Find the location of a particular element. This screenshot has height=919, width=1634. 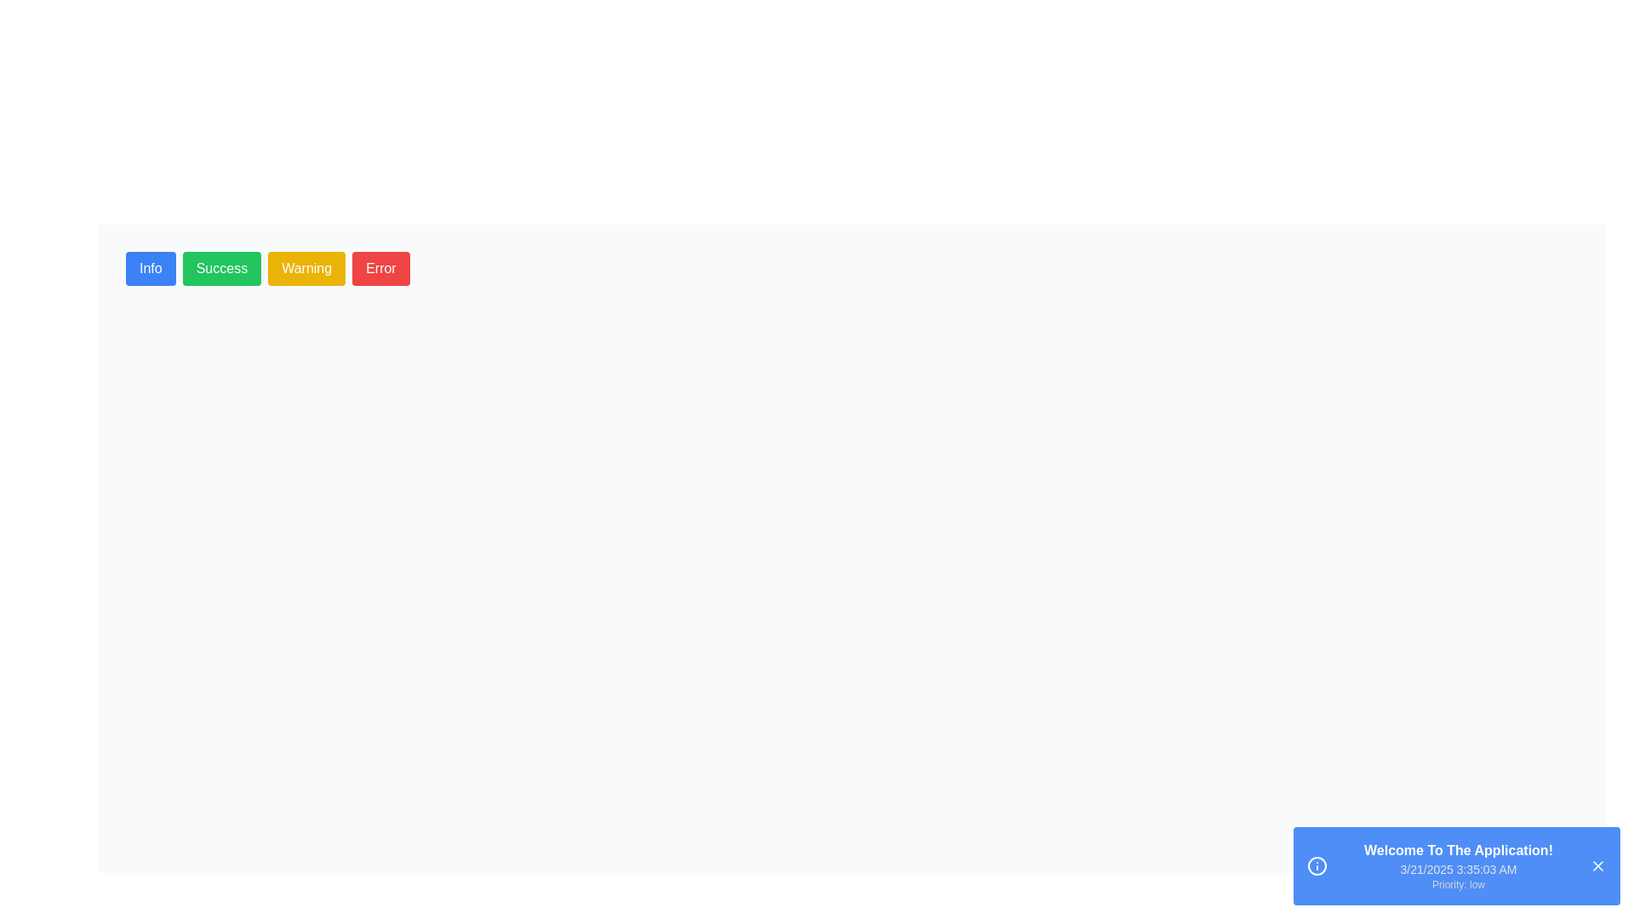

the warning button, which is the third button in a row between the 'Success' button and the 'Error' button, to change its background color to a darker shade is located at coordinates (306, 268).